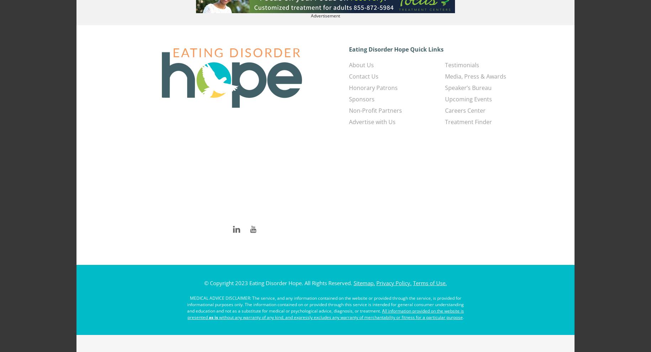  What do you see at coordinates (339, 317) in the screenshot?
I see `'without any warranty of any kind, and expressly excludes any warranty of merchantability or fitness for a particular purpose'` at bounding box center [339, 317].